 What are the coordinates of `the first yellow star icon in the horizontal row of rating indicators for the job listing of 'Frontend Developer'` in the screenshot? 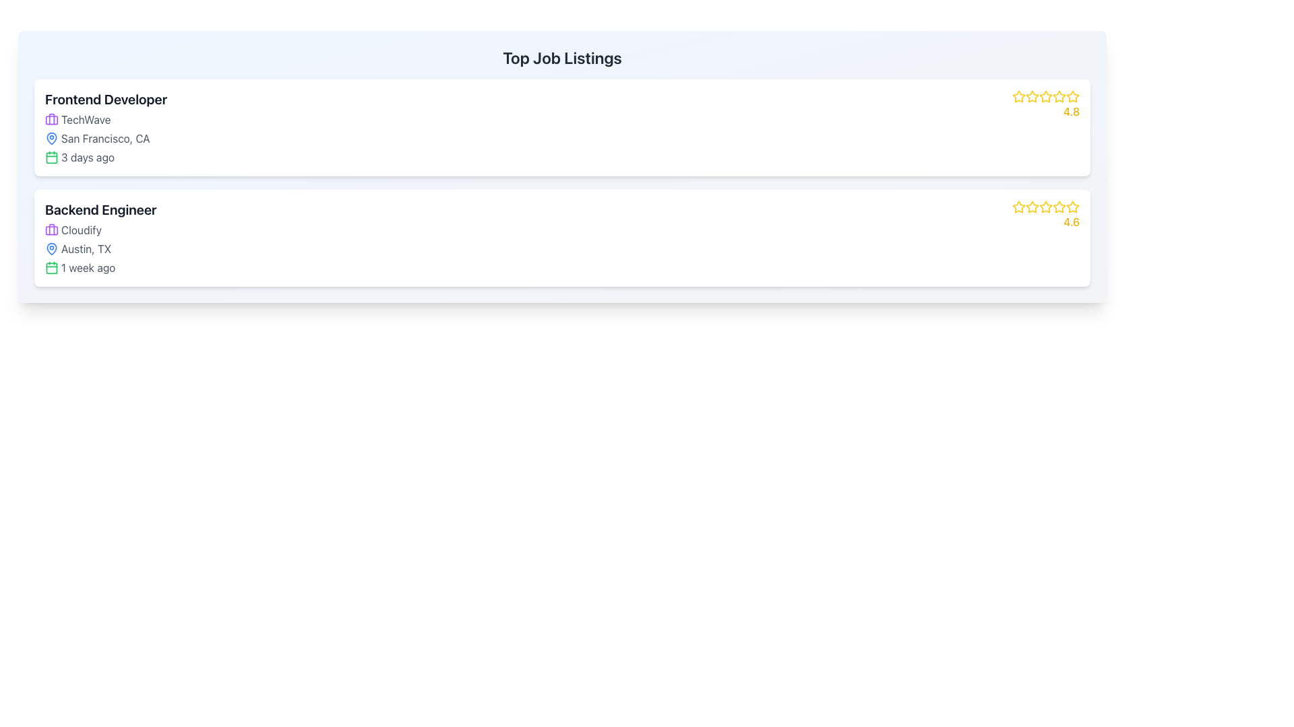 It's located at (1019, 96).